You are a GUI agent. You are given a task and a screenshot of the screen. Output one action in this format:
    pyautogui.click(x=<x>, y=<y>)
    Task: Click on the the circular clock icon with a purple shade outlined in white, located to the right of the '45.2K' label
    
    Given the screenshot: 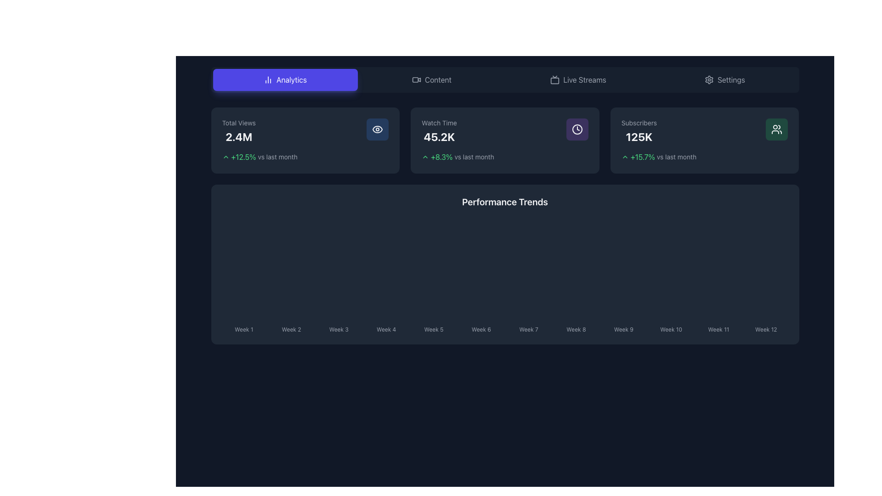 What is the action you would take?
    pyautogui.click(x=577, y=129)
    